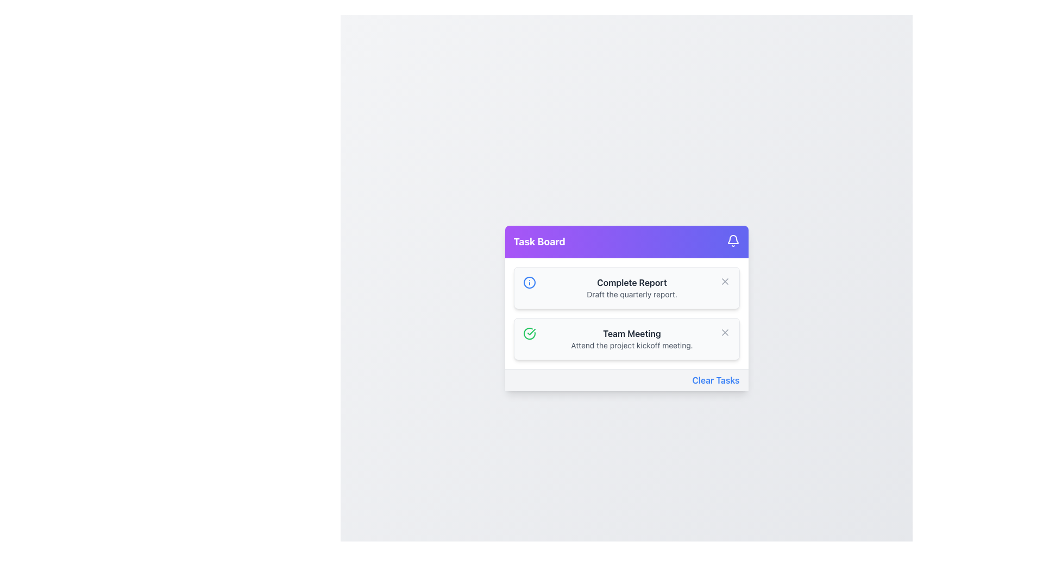 Image resolution: width=1043 pixels, height=586 pixels. What do you see at coordinates (725, 281) in the screenshot?
I see `the close icon button in the upper-right corner of the task card titled 'Complete Report'` at bounding box center [725, 281].